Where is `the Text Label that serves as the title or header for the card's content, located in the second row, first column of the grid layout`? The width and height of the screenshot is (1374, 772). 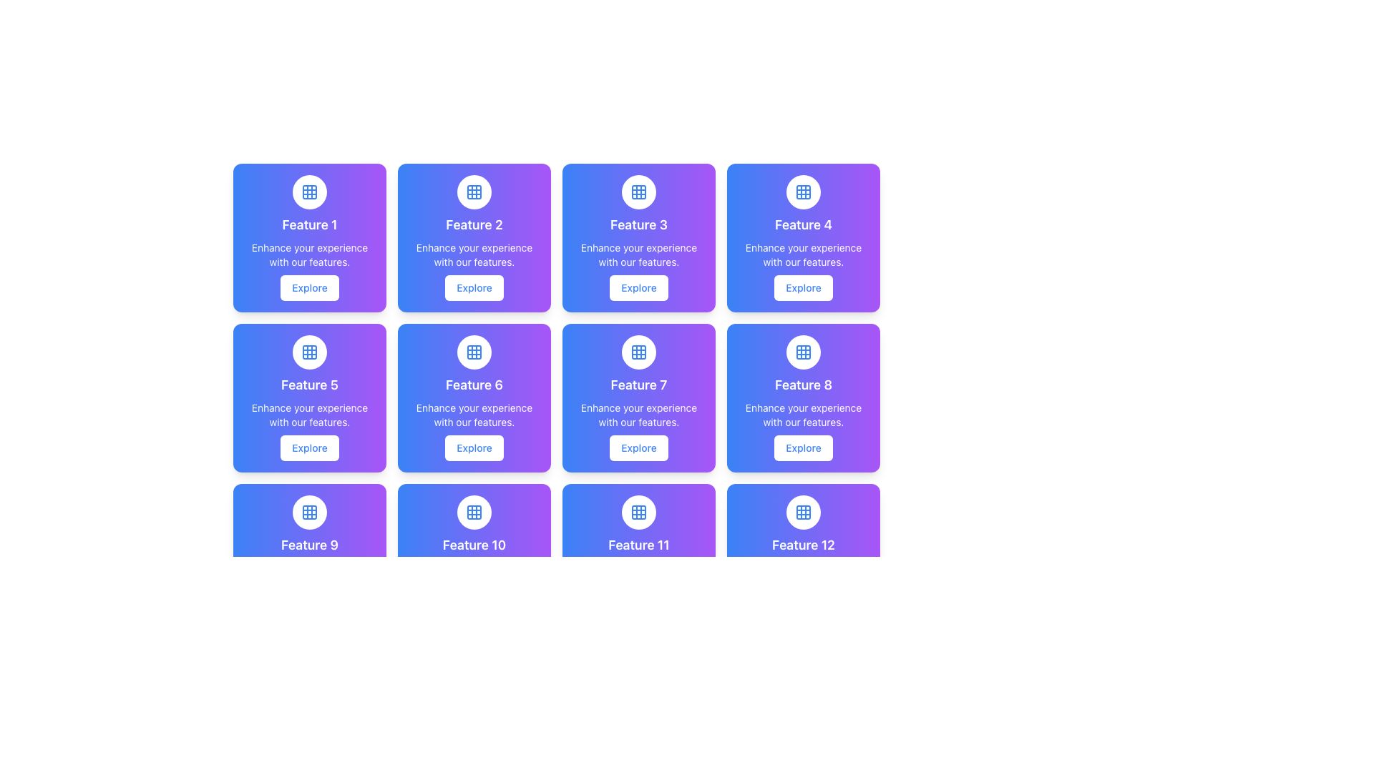
the Text Label that serves as the title or header for the card's content, located in the second row, first column of the grid layout is located at coordinates (308, 385).